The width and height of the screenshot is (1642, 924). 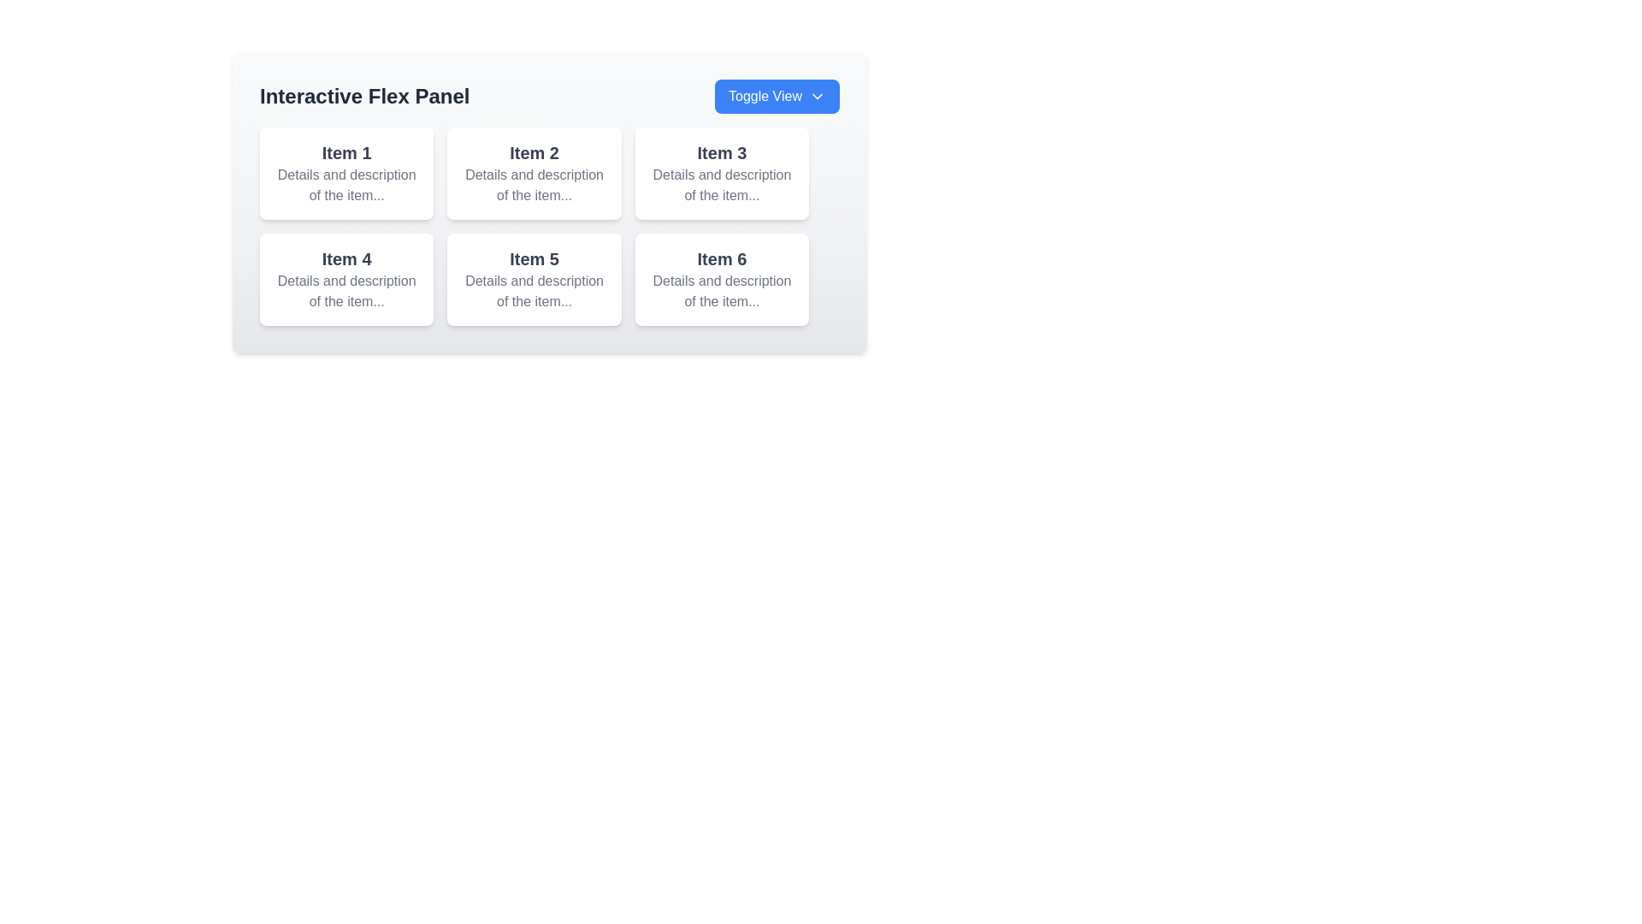 What do you see at coordinates (346, 185) in the screenshot?
I see `the text label that says 'Details and description of the item...' which is styled in gray and located under the title 'Item 1' within the first card of the grid layout` at bounding box center [346, 185].